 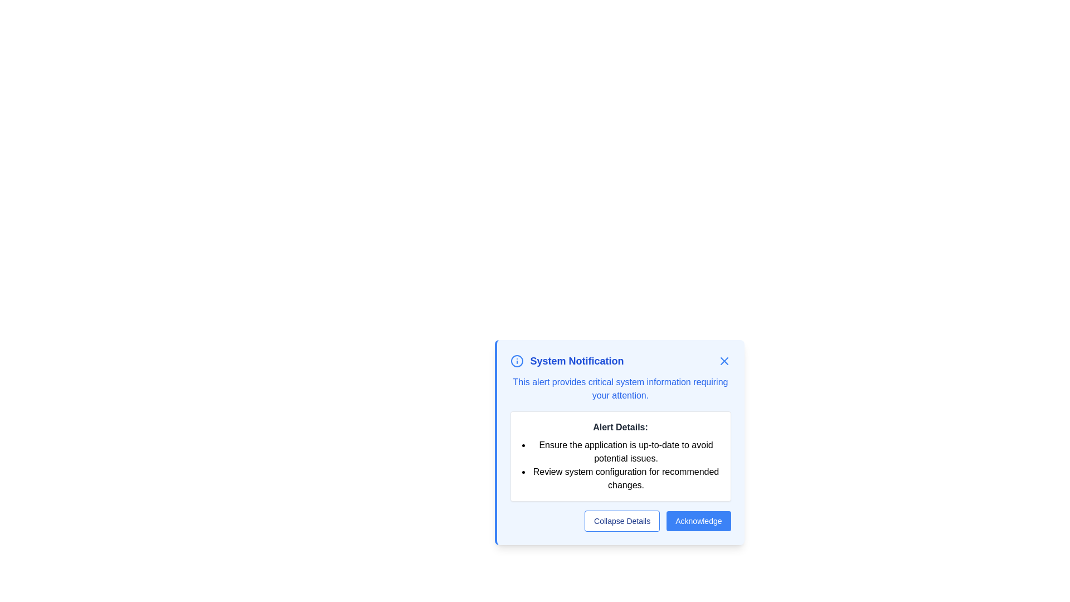 What do you see at coordinates (626, 452) in the screenshot?
I see `informational text about keeping the application up-to-date, which is the first item in the bulleted list within the modal dialog labeled 'Alert Details'` at bounding box center [626, 452].